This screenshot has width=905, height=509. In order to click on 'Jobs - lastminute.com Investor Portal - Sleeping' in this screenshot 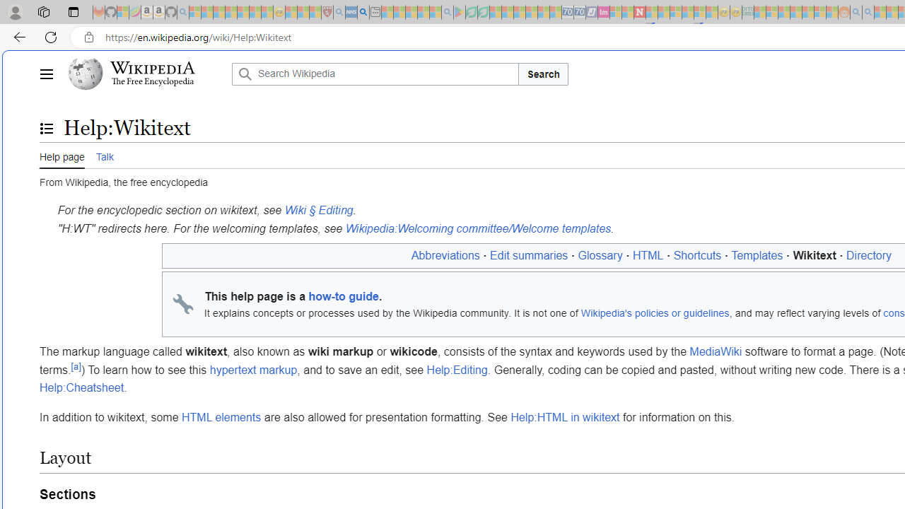, I will do `click(603, 12)`.